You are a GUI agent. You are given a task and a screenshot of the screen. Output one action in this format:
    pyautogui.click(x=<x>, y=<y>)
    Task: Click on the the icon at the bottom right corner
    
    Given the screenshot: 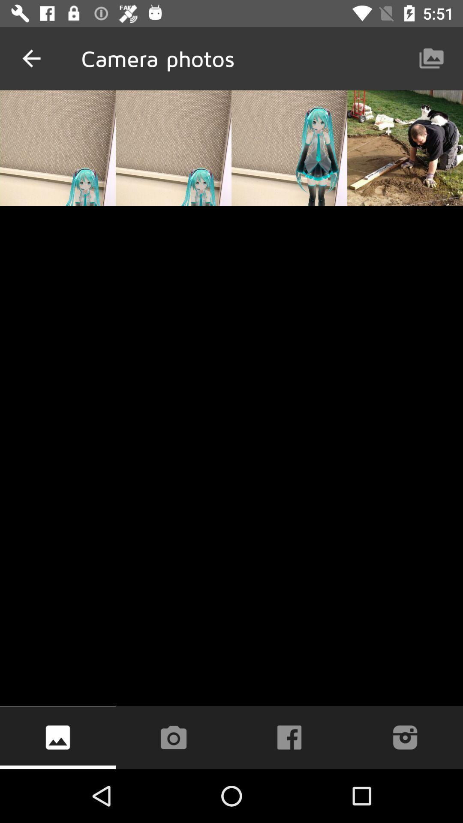 What is the action you would take?
    pyautogui.click(x=405, y=737)
    